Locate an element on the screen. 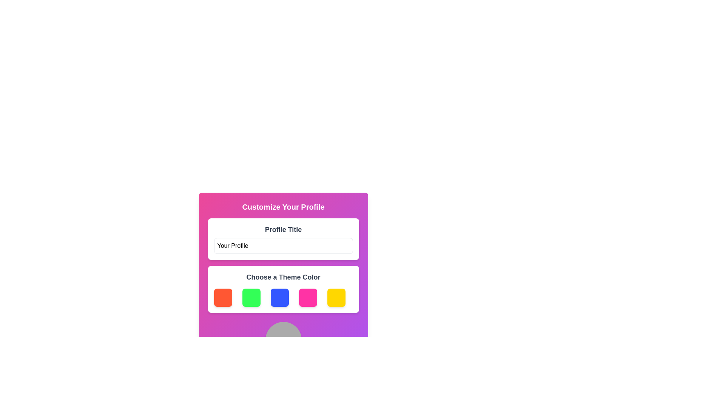 The image size is (725, 408). the 'Profile Title' text label, which is a bold and larger gray font displayed at the top of a white card with rounded corners is located at coordinates (283, 229).